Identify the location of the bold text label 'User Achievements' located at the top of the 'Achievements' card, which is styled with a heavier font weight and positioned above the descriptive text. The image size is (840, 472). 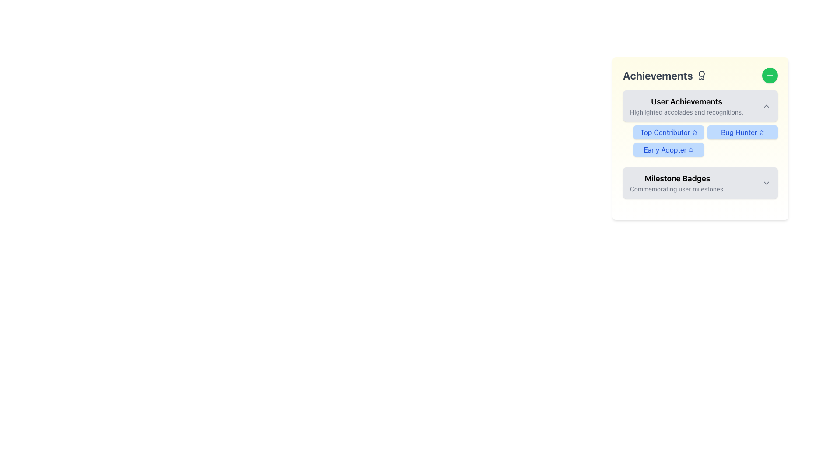
(686, 101).